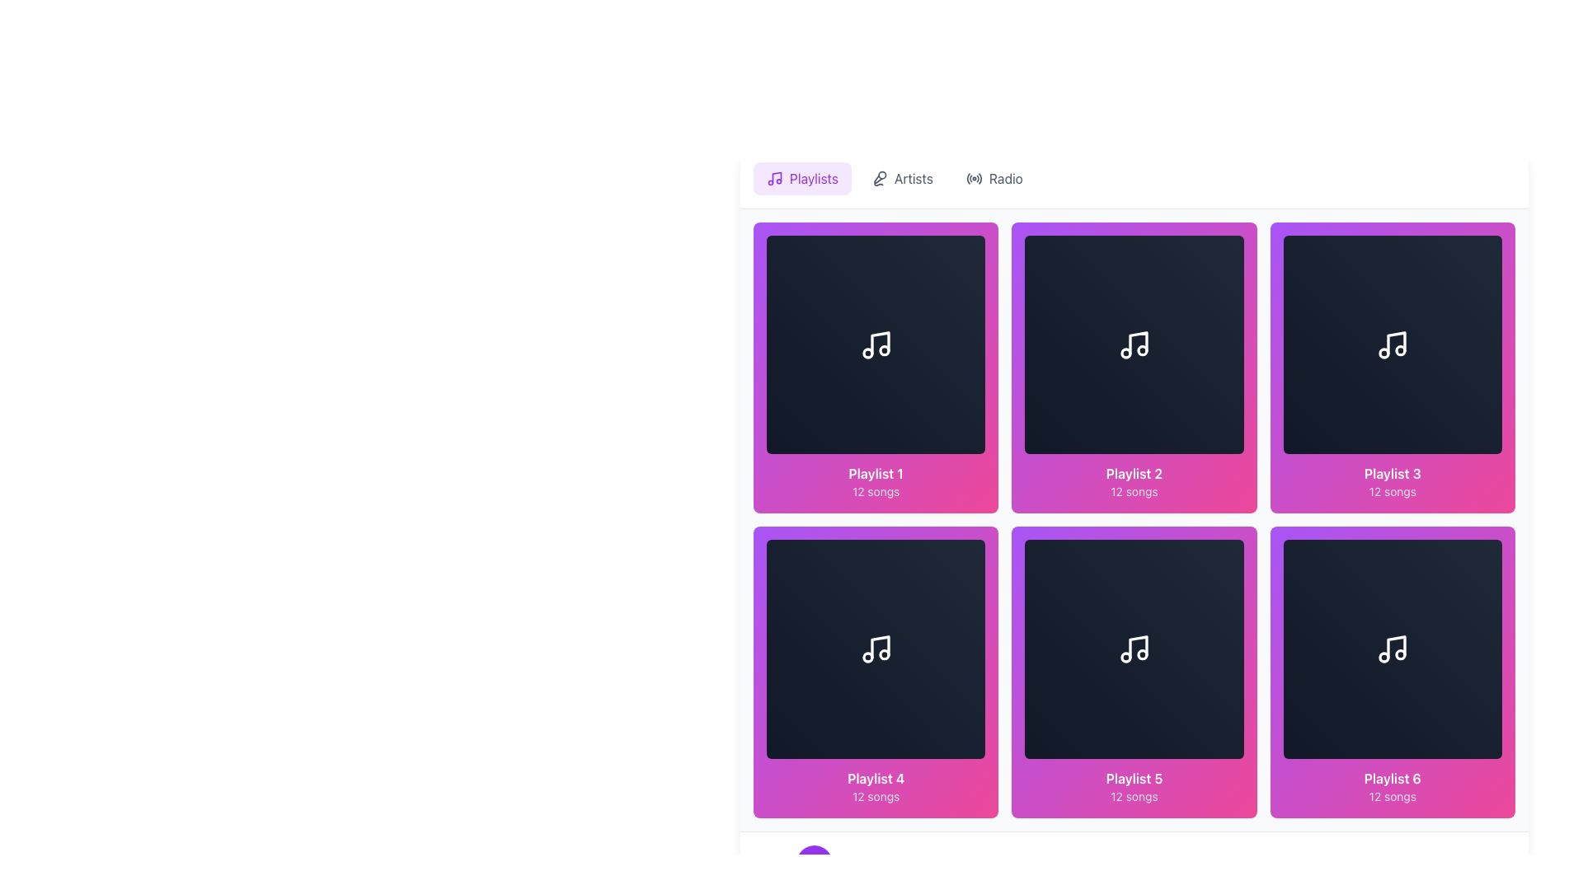  Describe the element at coordinates (1392, 778) in the screenshot. I see `the Text Label displaying 'Playlist 6', which is styled in white bold font and located at the bottom center of a card in a grid layout` at that location.